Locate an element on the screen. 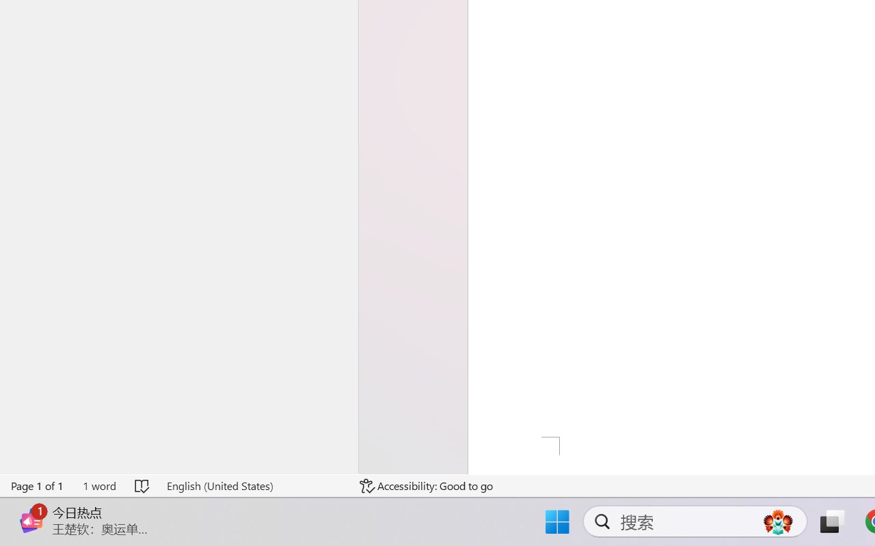 The image size is (875, 546). 'Class: Image' is located at coordinates (31, 520).